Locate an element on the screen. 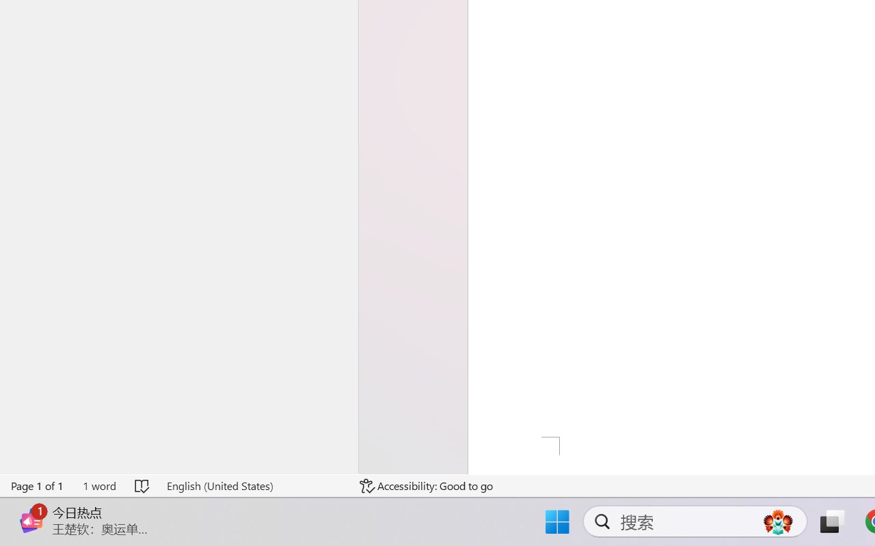 The image size is (875, 546). 'Class: Image' is located at coordinates (31, 520).